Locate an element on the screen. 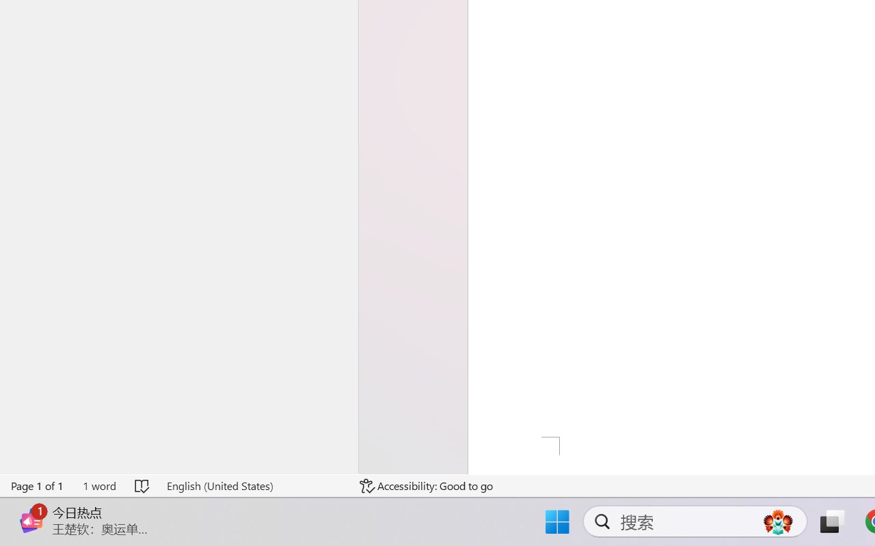 The image size is (875, 546). 'Class: Image' is located at coordinates (31, 520).